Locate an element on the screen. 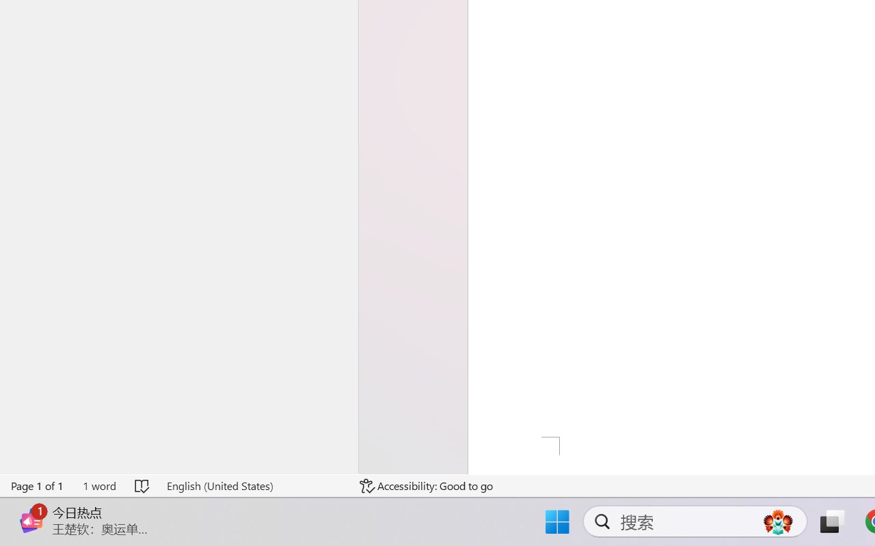 The image size is (875, 546). 'Class: Image' is located at coordinates (31, 520).